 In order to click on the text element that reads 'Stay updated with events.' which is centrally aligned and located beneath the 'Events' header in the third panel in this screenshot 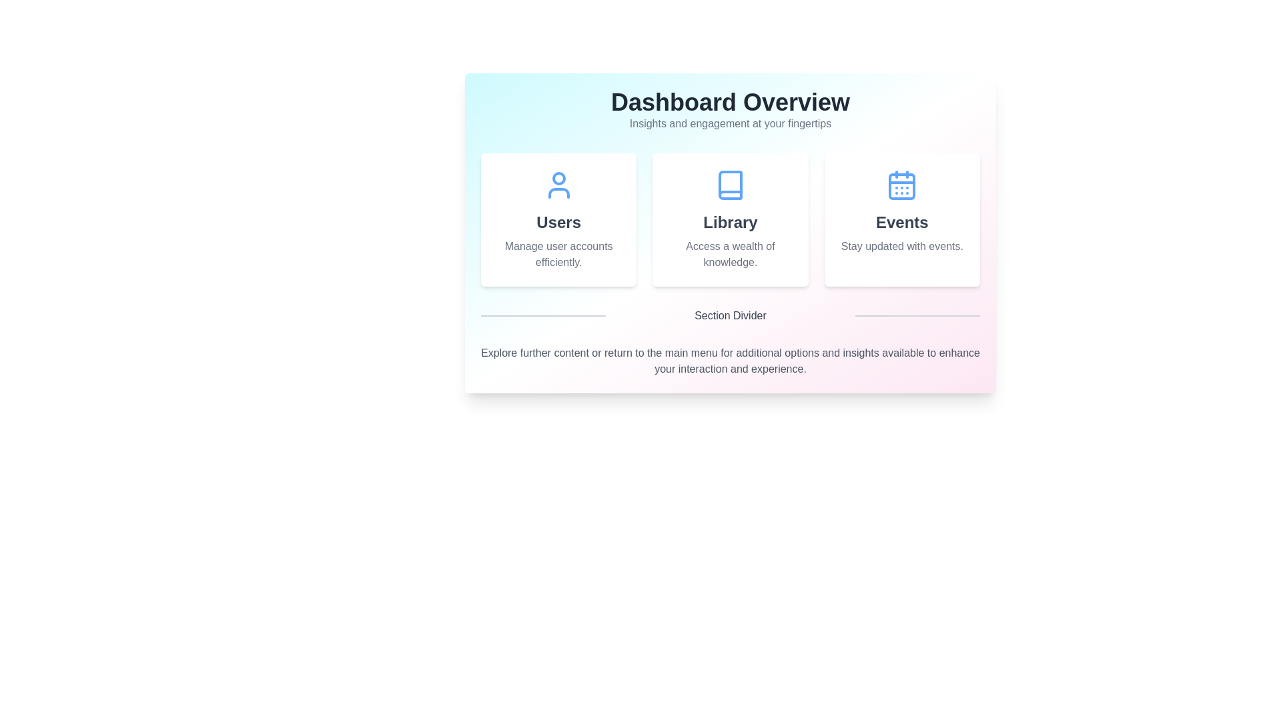, I will do `click(902, 247)`.